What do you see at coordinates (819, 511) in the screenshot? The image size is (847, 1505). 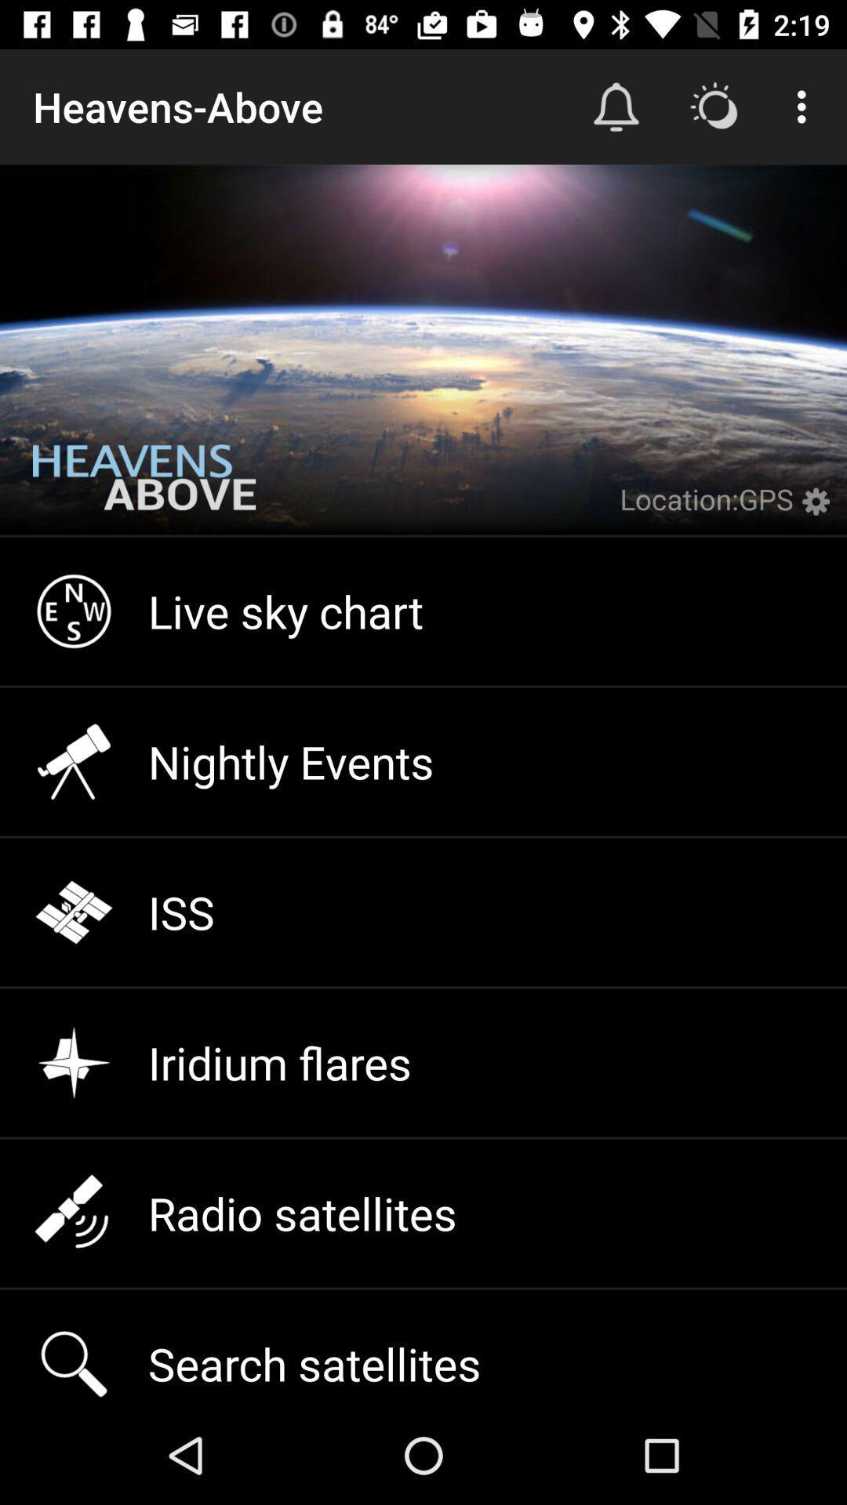 I see `settings toggle` at bounding box center [819, 511].